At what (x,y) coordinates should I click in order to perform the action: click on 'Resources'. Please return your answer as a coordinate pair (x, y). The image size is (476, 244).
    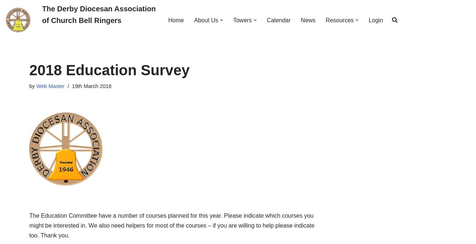
    Looking at the image, I should click on (339, 20).